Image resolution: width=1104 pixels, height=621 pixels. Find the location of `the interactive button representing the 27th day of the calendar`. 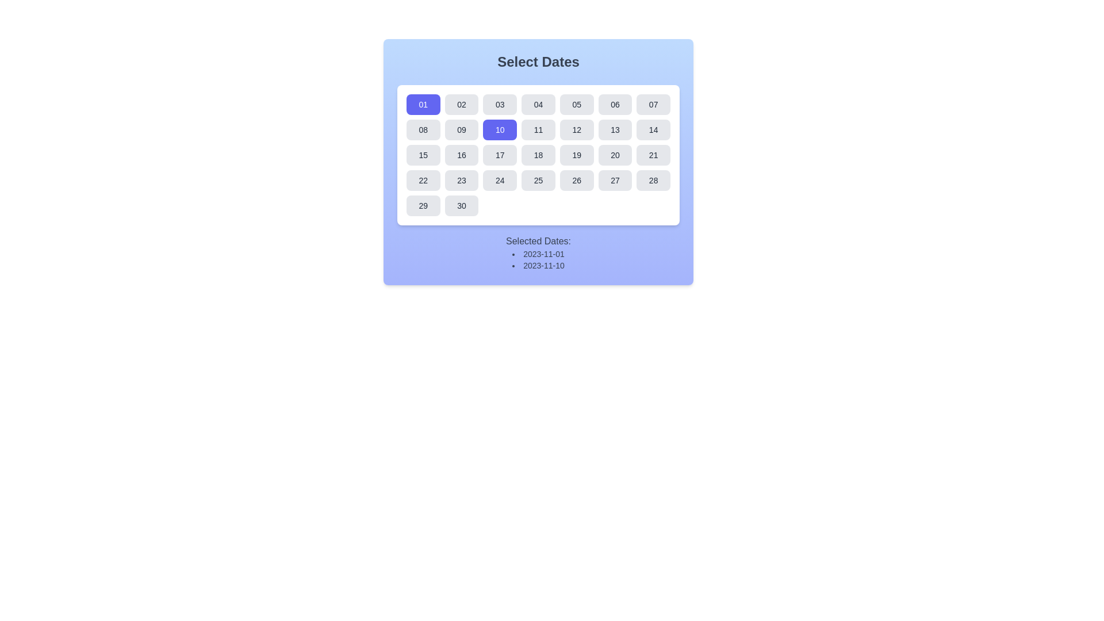

the interactive button representing the 27th day of the calendar is located at coordinates (615, 180).